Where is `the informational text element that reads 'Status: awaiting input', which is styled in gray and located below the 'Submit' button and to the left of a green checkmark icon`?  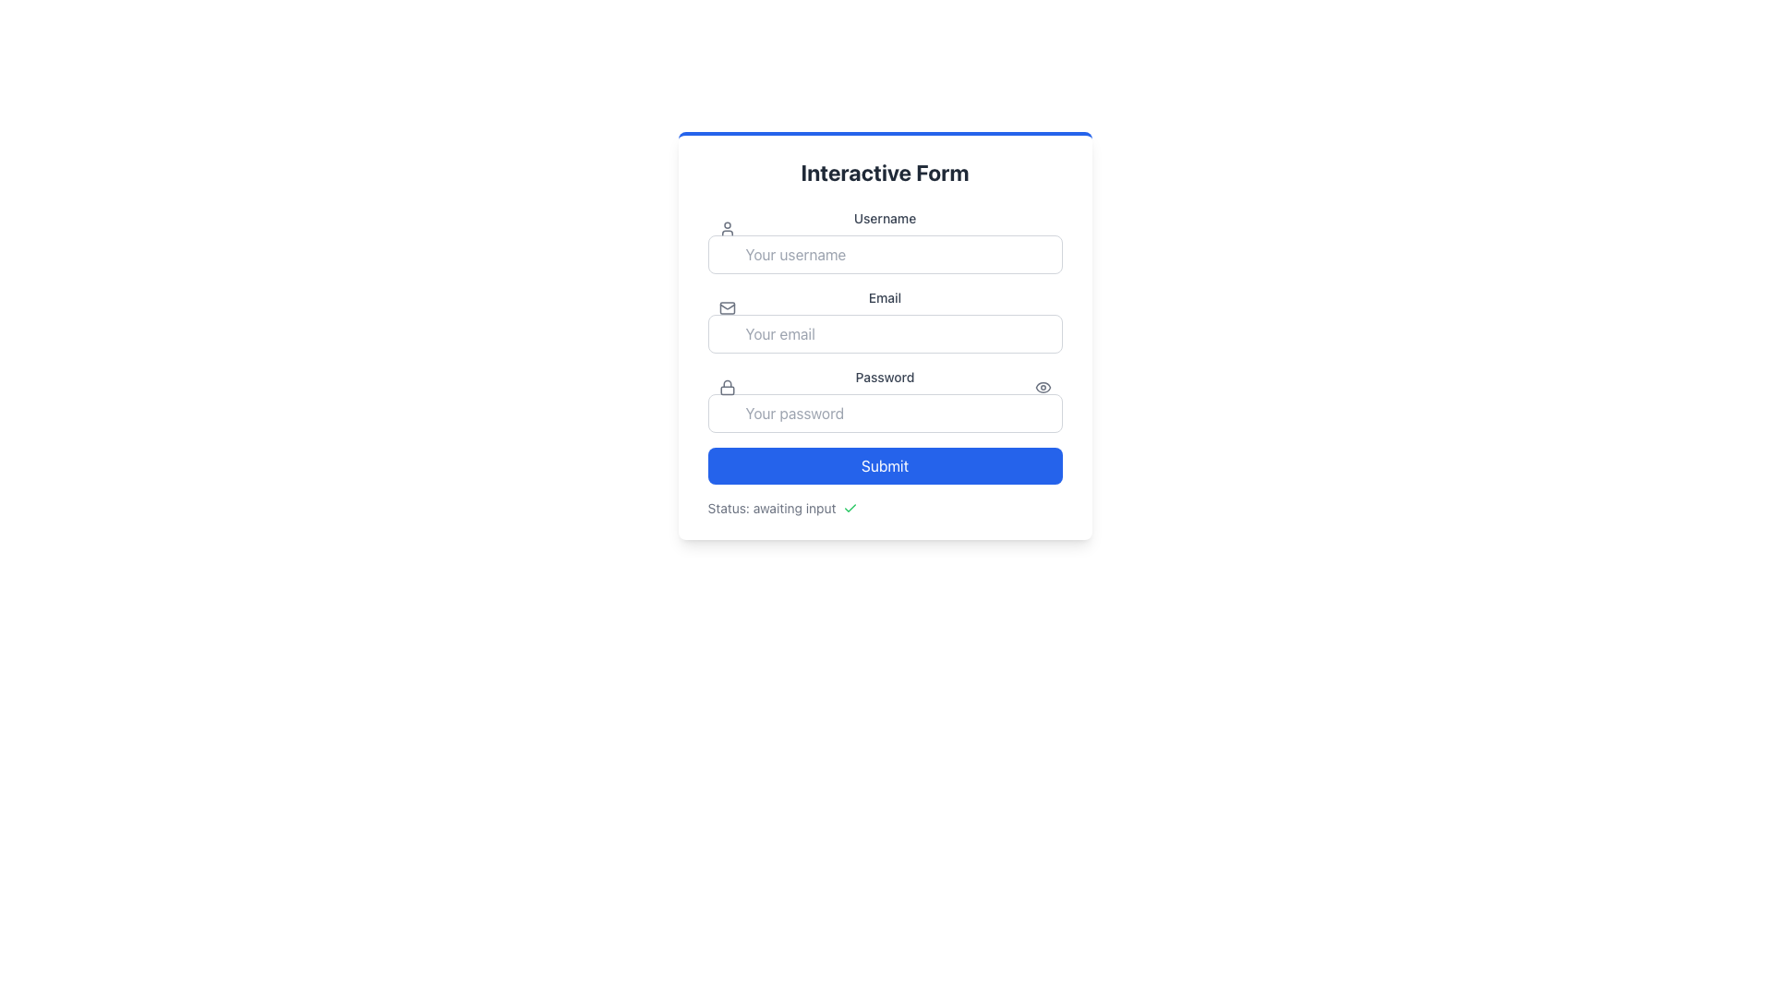 the informational text element that reads 'Status: awaiting input', which is styled in gray and located below the 'Submit' button and to the left of a green checkmark icon is located at coordinates (771, 509).